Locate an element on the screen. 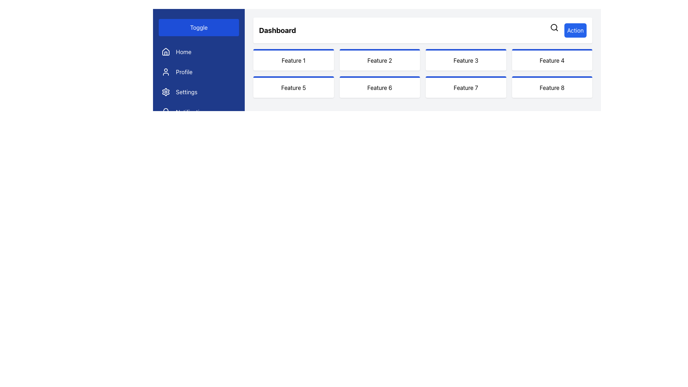  the 'Profile' text label in the vertical navigation sidebar is located at coordinates (184, 72).